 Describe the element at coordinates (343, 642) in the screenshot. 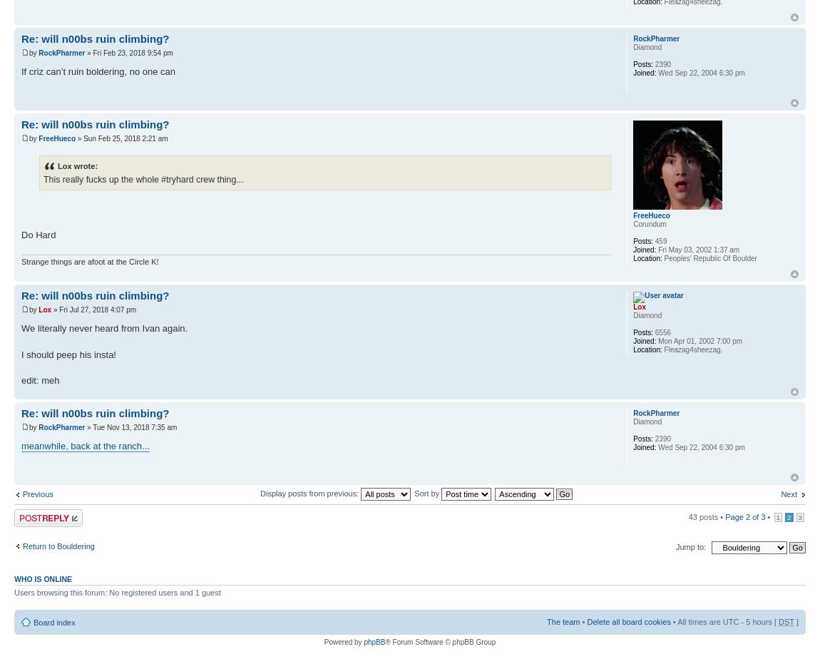

I see `'Powered by'` at that location.